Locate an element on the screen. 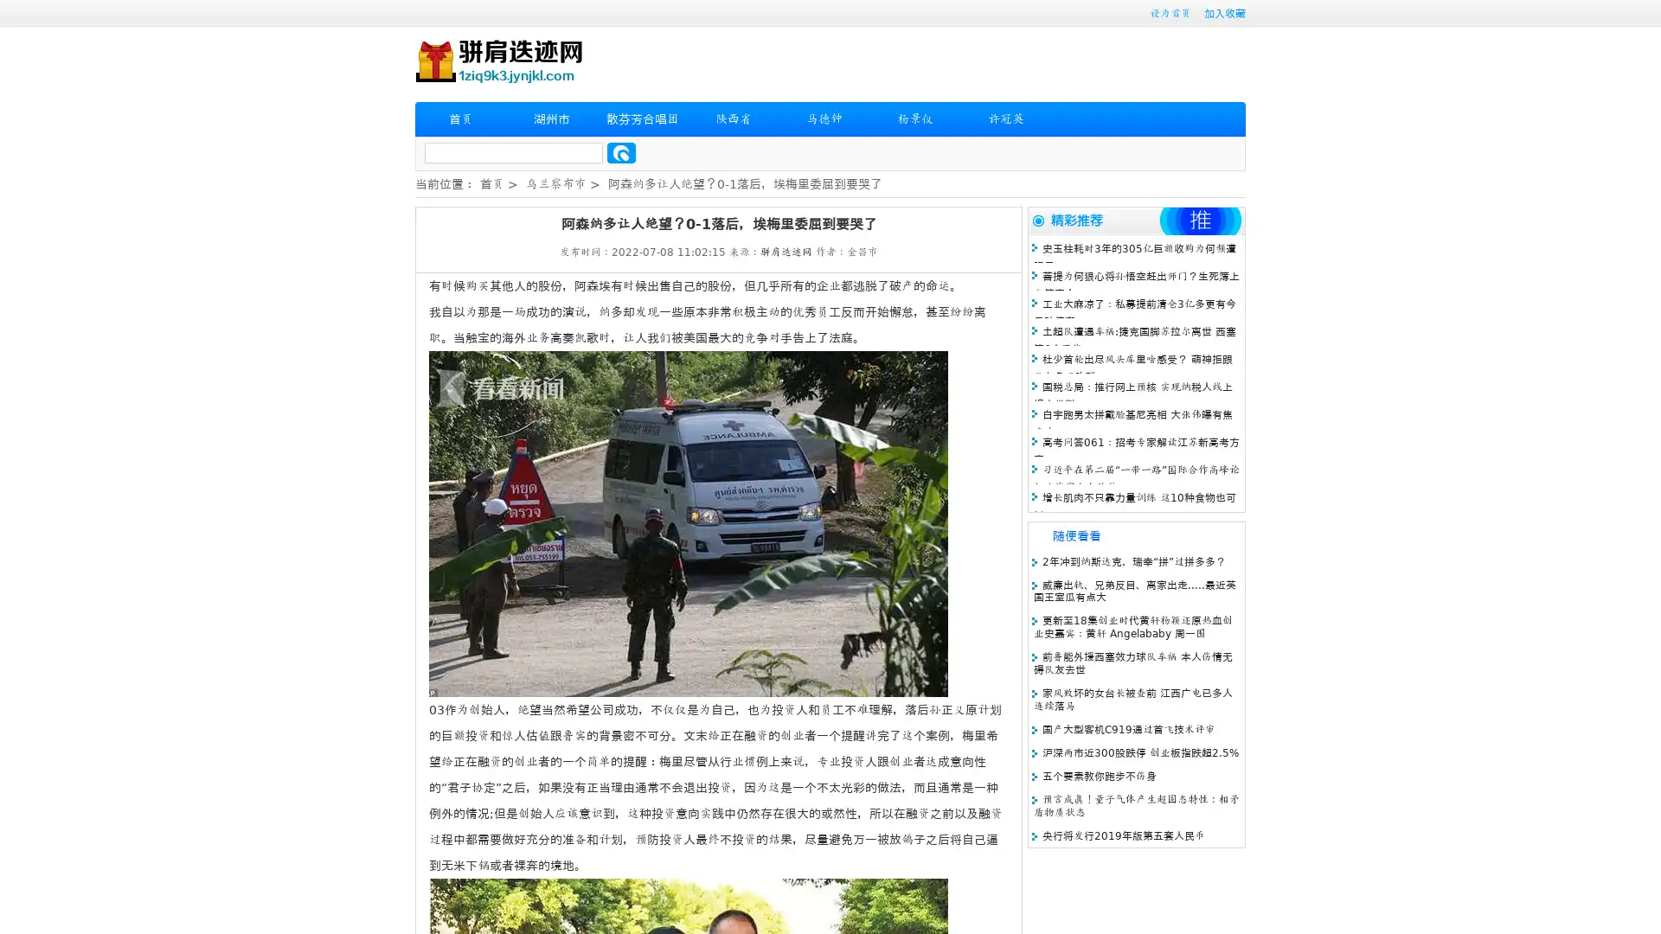 The image size is (1661, 934). Search is located at coordinates (621, 152).